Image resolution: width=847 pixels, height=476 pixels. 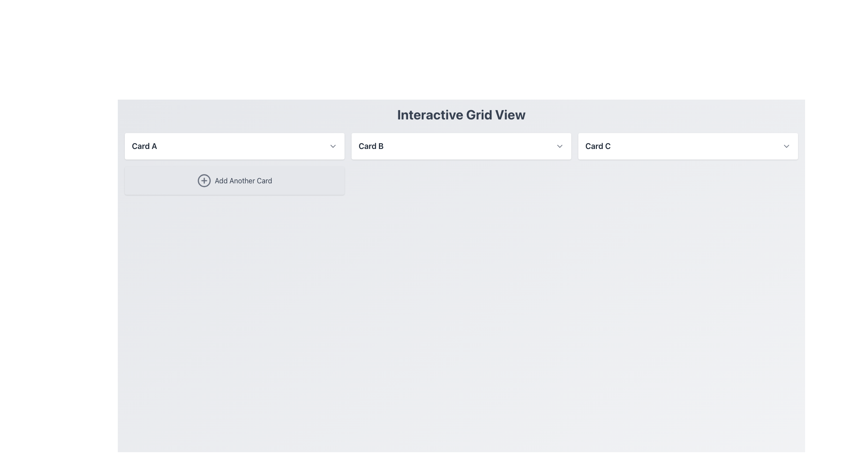 What do you see at coordinates (461, 114) in the screenshot?
I see `the title element labeled 'Interactive Grid View', which is positioned at the top of the interface and serves as the heading for the section` at bounding box center [461, 114].